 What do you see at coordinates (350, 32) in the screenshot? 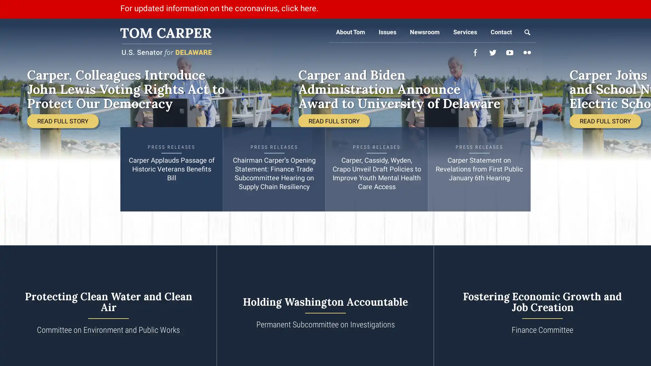
I see `About Tom` at bounding box center [350, 32].